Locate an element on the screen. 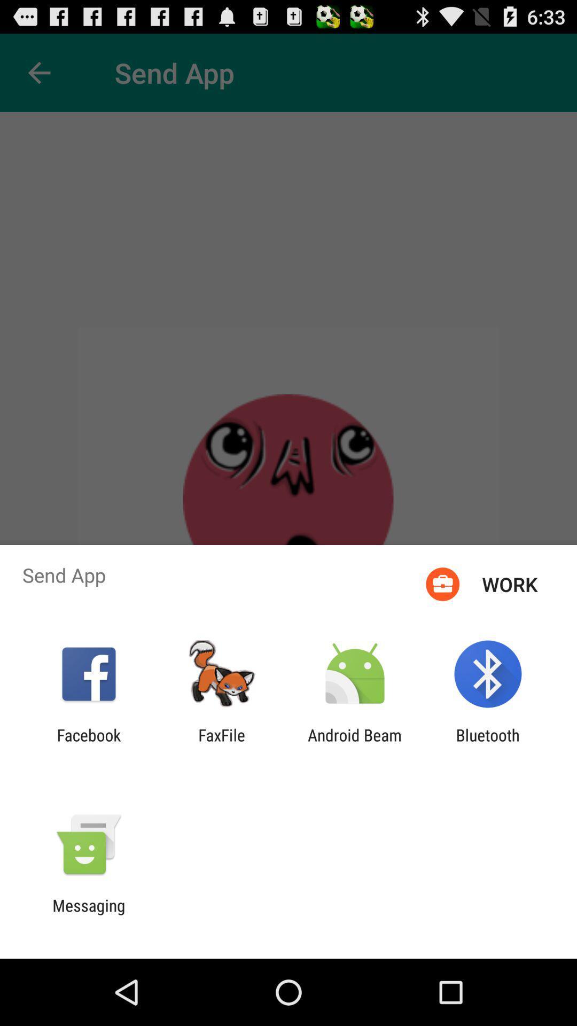 This screenshot has height=1026, width=577. the item next to facebook icon is located at coordinates (221, 744).